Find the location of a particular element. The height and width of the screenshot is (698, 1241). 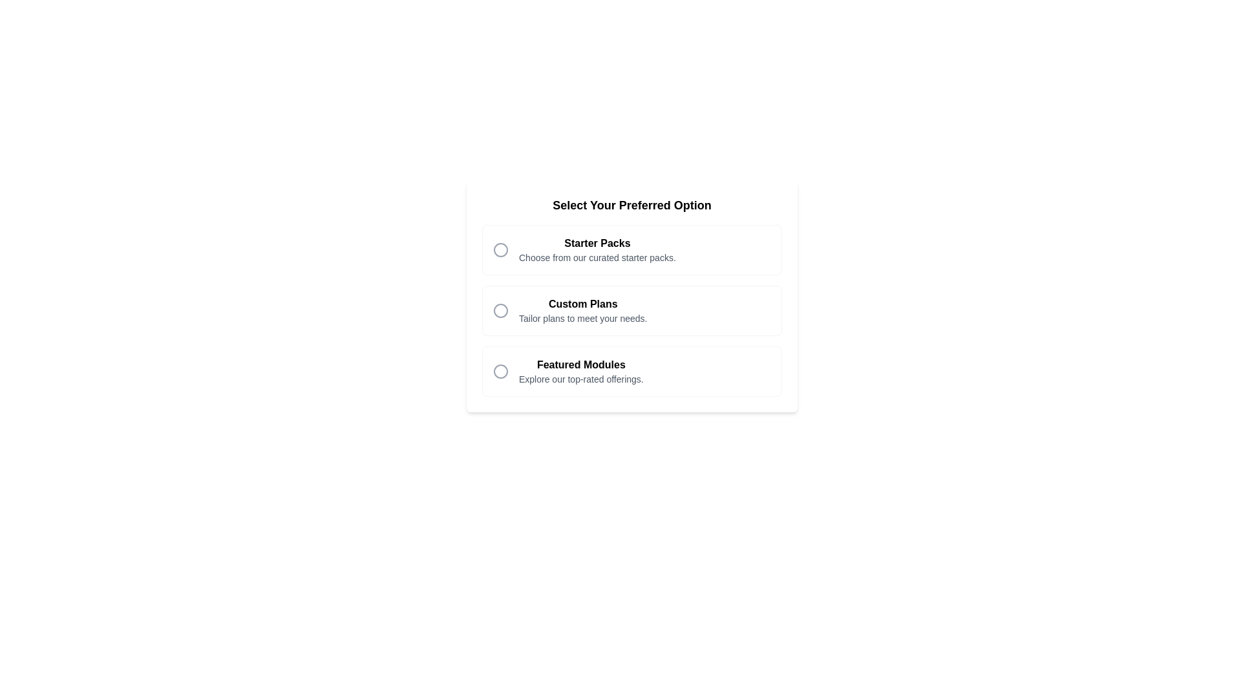

the Text Display that describes customizable plans, located centrally in the second card of a vertically stacked list, positioned between 'Starter Packs' and 'Featured Modules' is located at coordinates (582, 311).